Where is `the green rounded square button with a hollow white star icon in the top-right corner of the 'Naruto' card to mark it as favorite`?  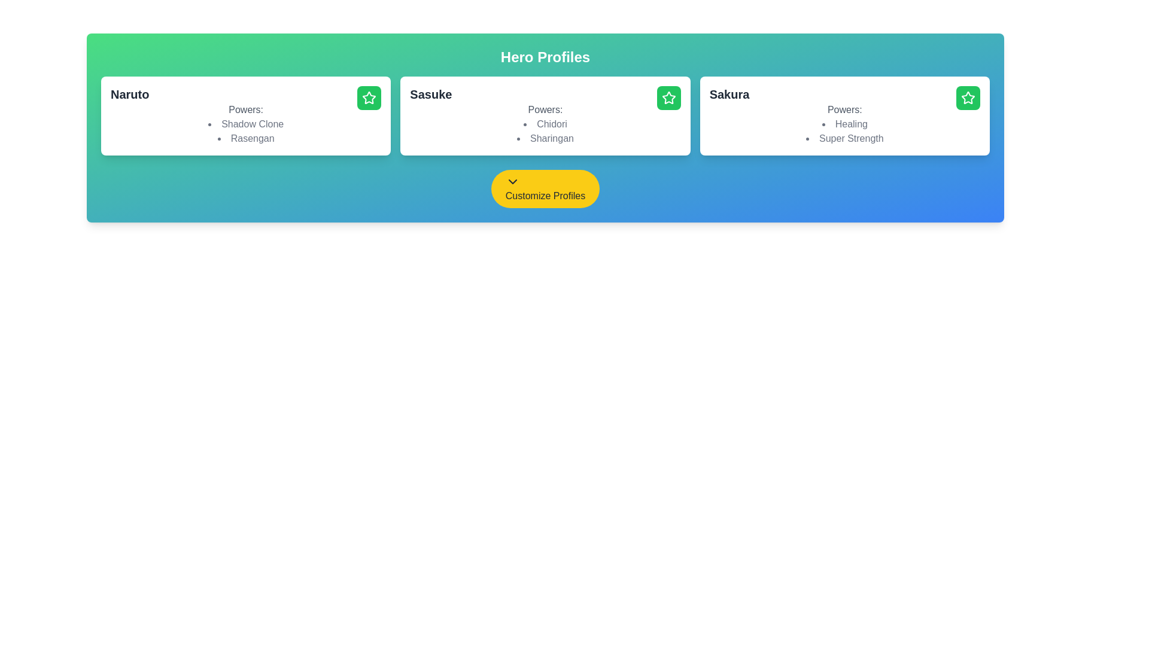 the green rounded square button with a hollow white star icon in the top-right corner of the 'Naruto' card to mark it as favorite is located at coordinates (369, 97).